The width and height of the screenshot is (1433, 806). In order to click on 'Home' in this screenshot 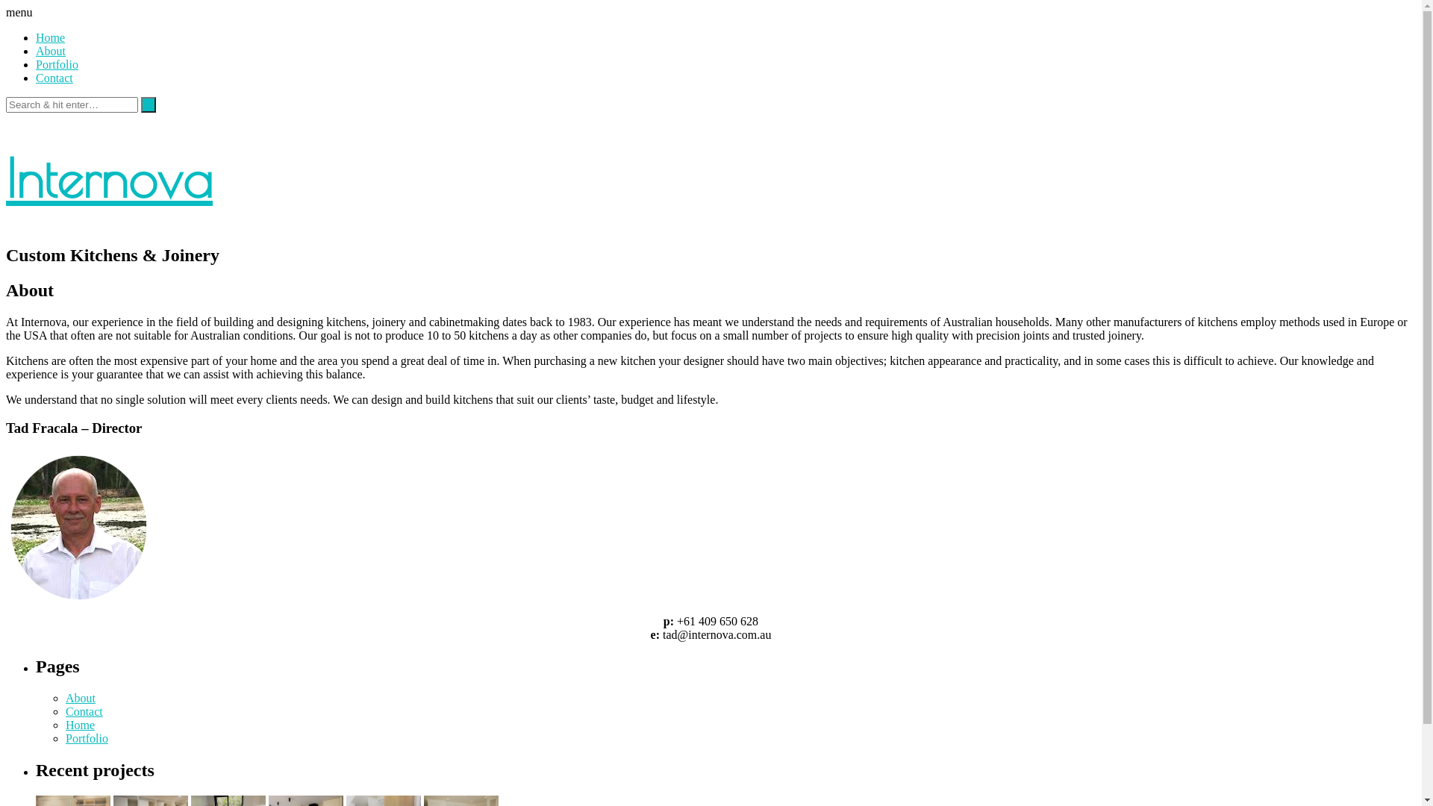, I will do `click(64, 724)`.